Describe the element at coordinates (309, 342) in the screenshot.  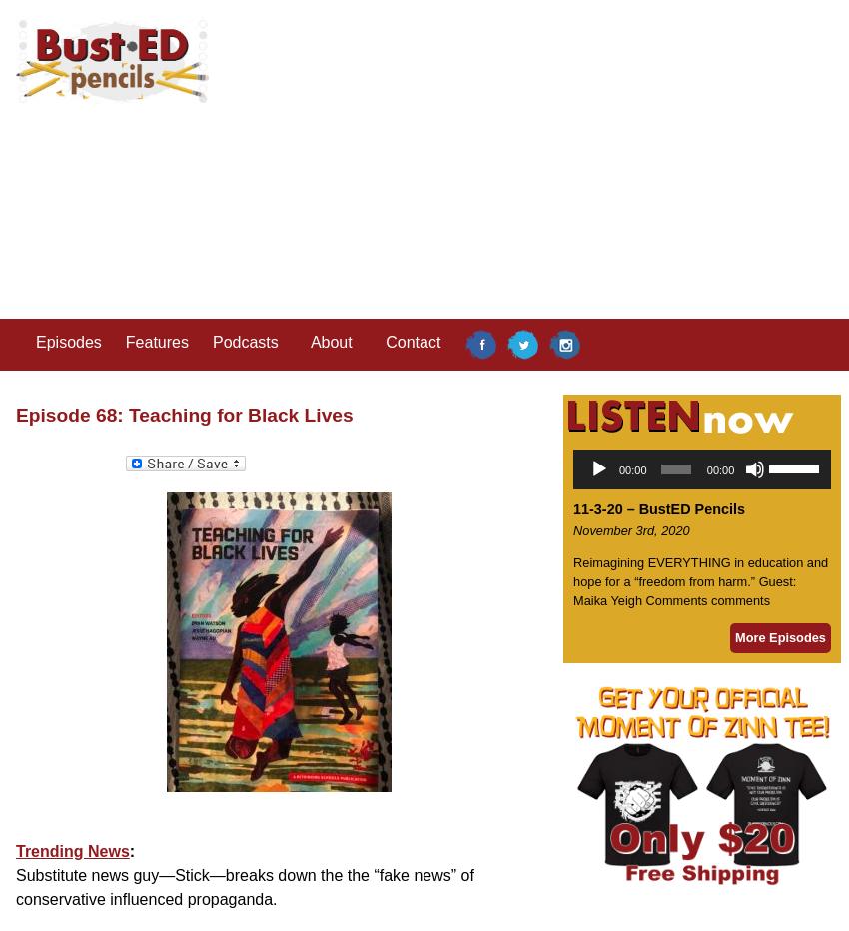
I see `'About'` at that location.